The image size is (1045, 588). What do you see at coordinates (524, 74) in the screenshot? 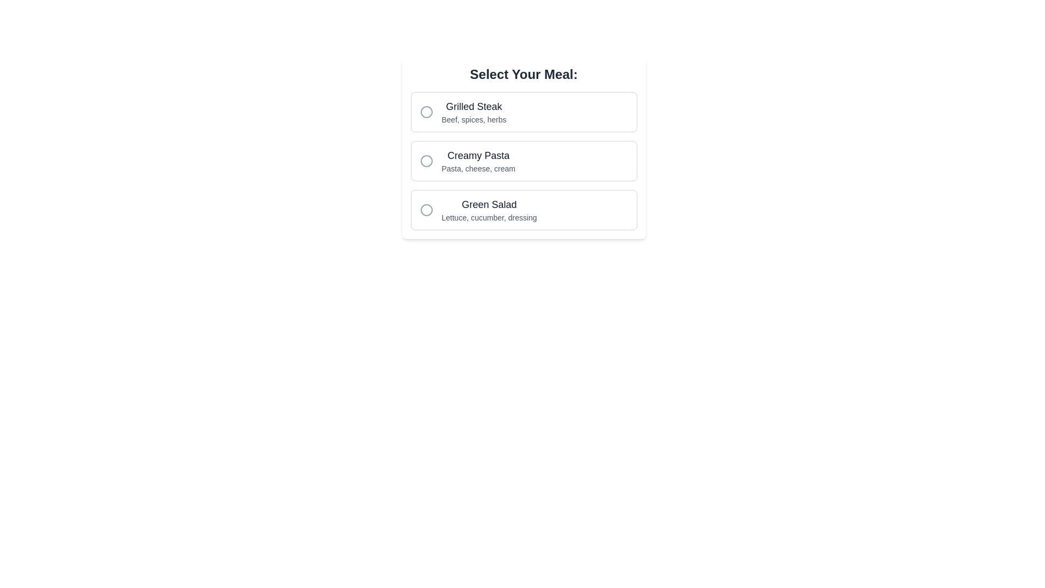
I see `the Text Label (Heading) that serves as the title for the meal selection section, positioned at the top center of the content block` at bounding box center [524, 74].